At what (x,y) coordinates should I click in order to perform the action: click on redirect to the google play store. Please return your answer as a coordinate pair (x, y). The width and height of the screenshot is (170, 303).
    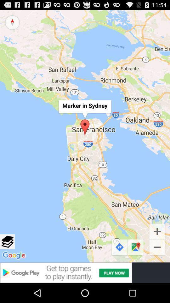
    Looking at the image, I should click on (85, 272).